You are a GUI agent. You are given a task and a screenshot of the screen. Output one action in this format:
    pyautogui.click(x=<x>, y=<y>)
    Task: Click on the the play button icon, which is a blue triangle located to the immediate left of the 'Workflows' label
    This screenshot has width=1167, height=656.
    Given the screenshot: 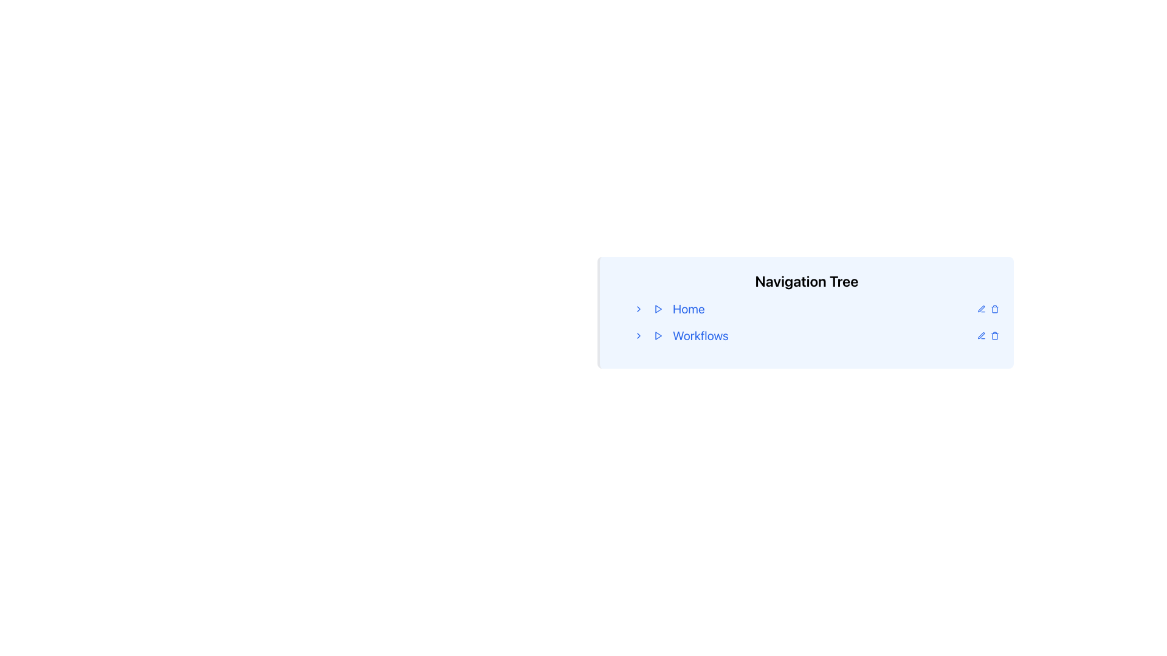 What is the action you would take?
    pyautogui.click(x=658, y=335)
    